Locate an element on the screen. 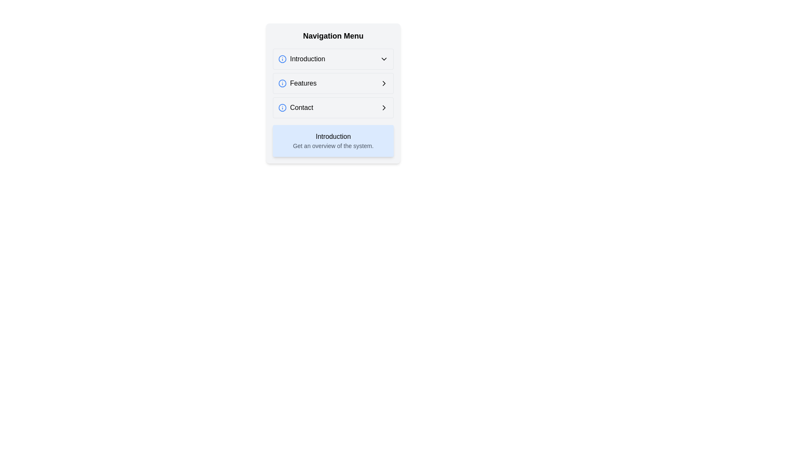 This screenshot has width=806, height=453. the SVG circle element that is part of the 'Features' icon in the navigation menu, which is centered within the left margin of the 'Features' label is located at coordinates (282, 83).